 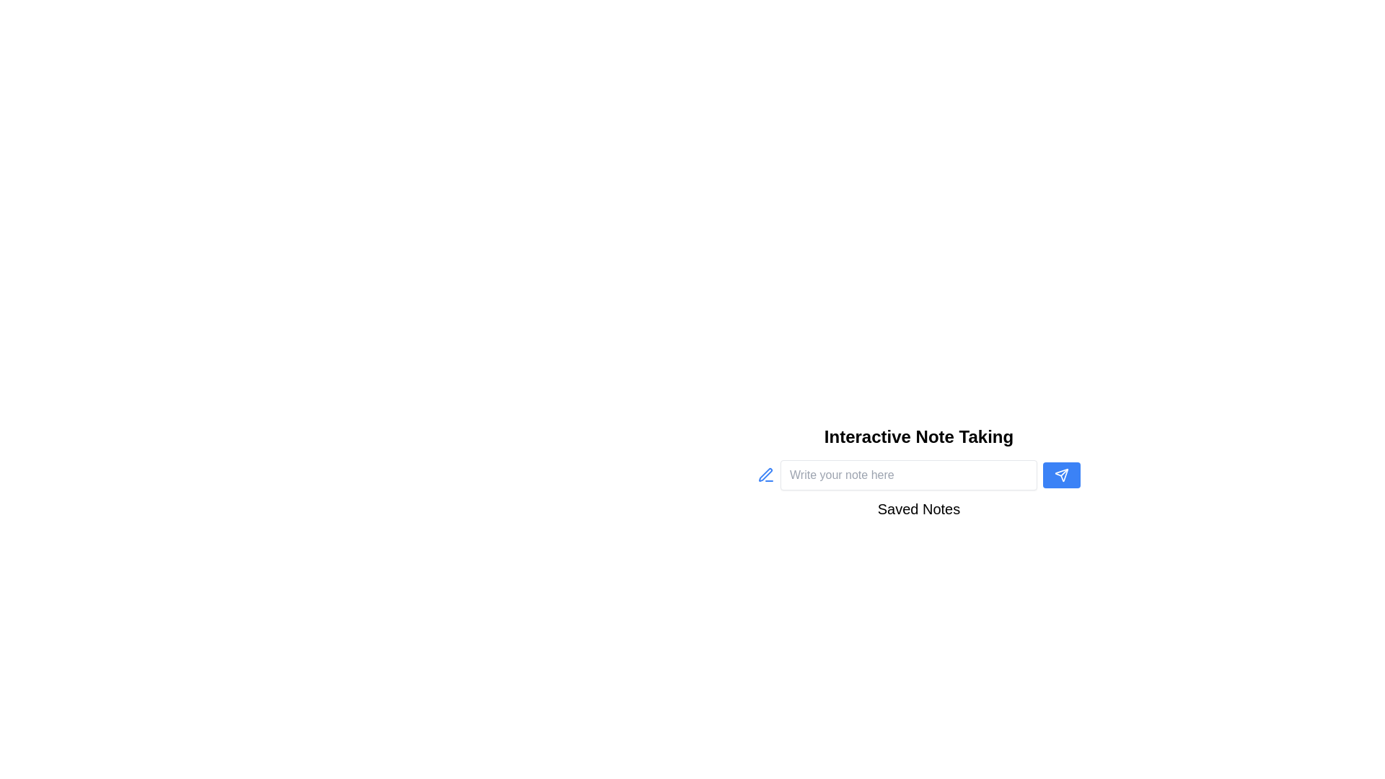 I want to click on the minimalistic pen tip icon styled with thin blue lines, located to the left of the 'Write your note here' text box, so click(x=765, y=475).